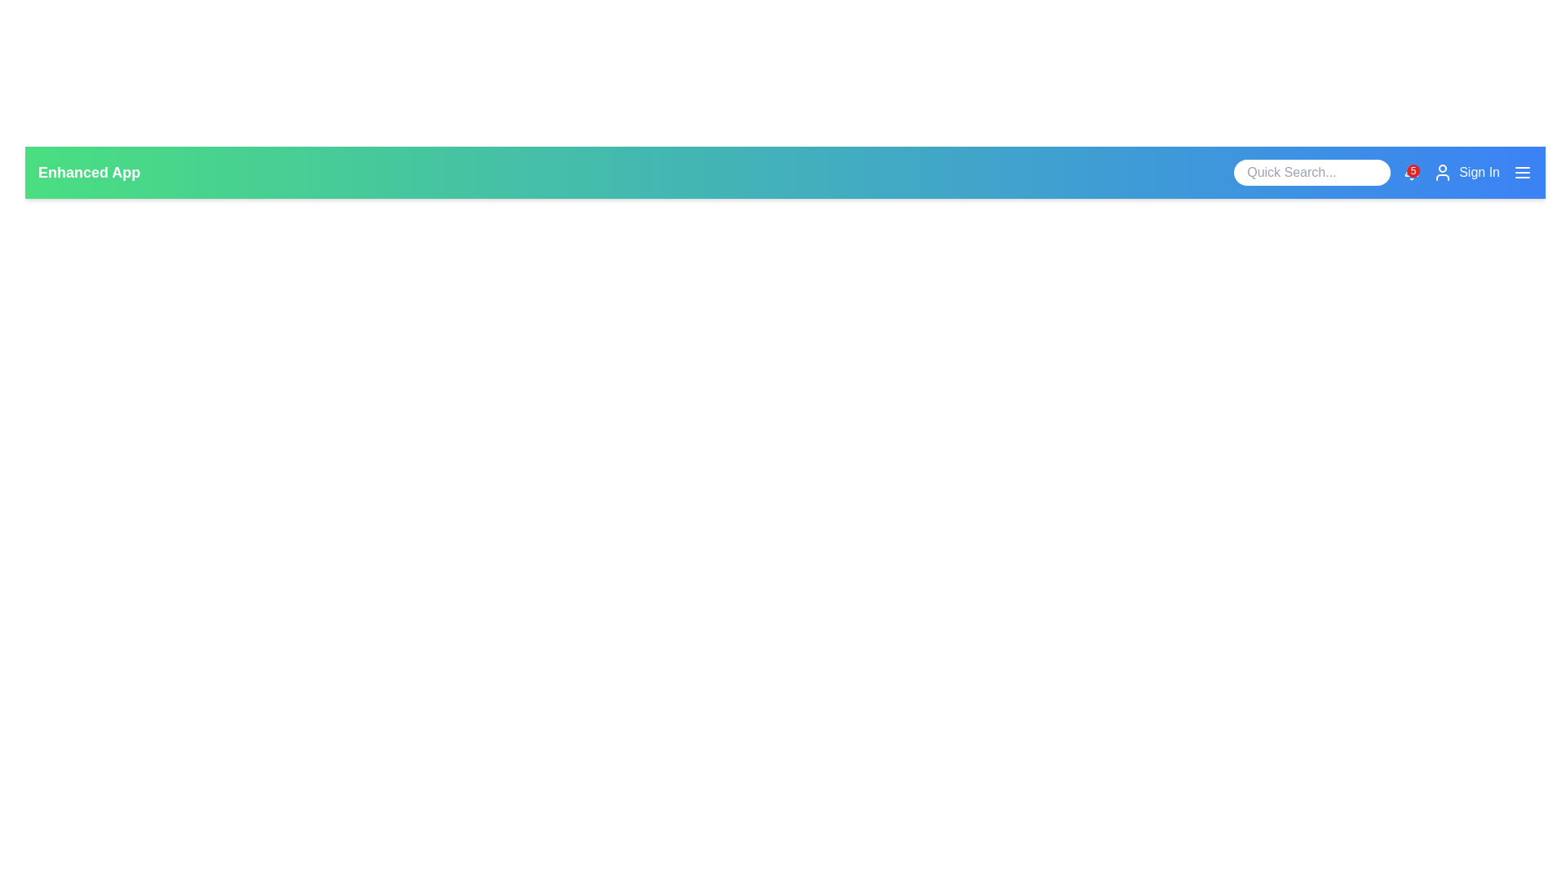  Describe the element at coordinates (1466, 173) in the screenshot. I see `the 'Sign In' button` at that location.